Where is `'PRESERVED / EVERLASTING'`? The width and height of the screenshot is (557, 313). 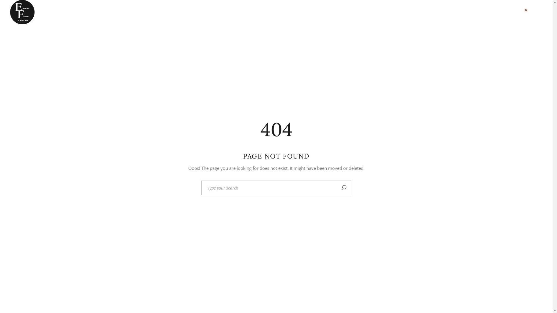
'PRESERVED / EVERLASTING' is located at coordinates (257, 12).